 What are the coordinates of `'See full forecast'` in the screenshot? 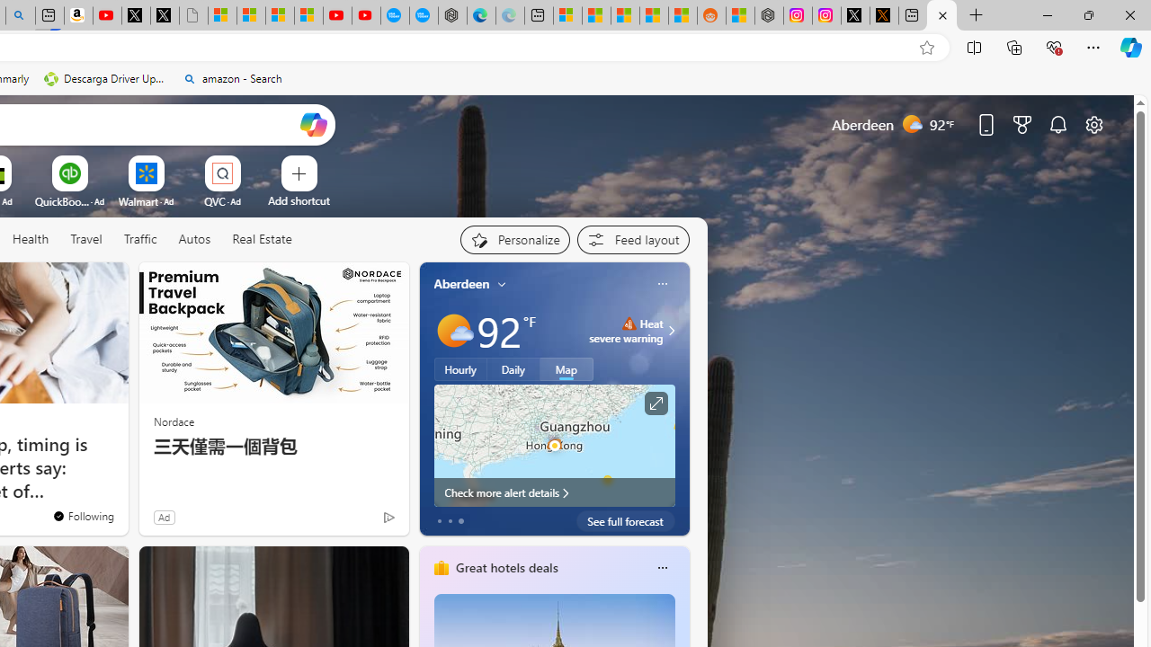 It's located at (625, 520).